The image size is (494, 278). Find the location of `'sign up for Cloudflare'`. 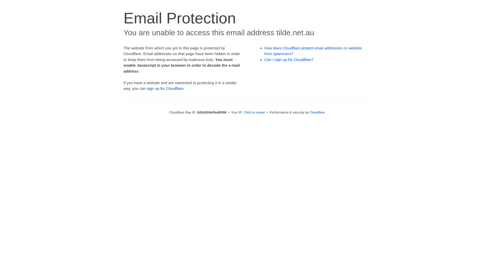

'sign up for Cloudflare' is located at coordinates (165, 88).